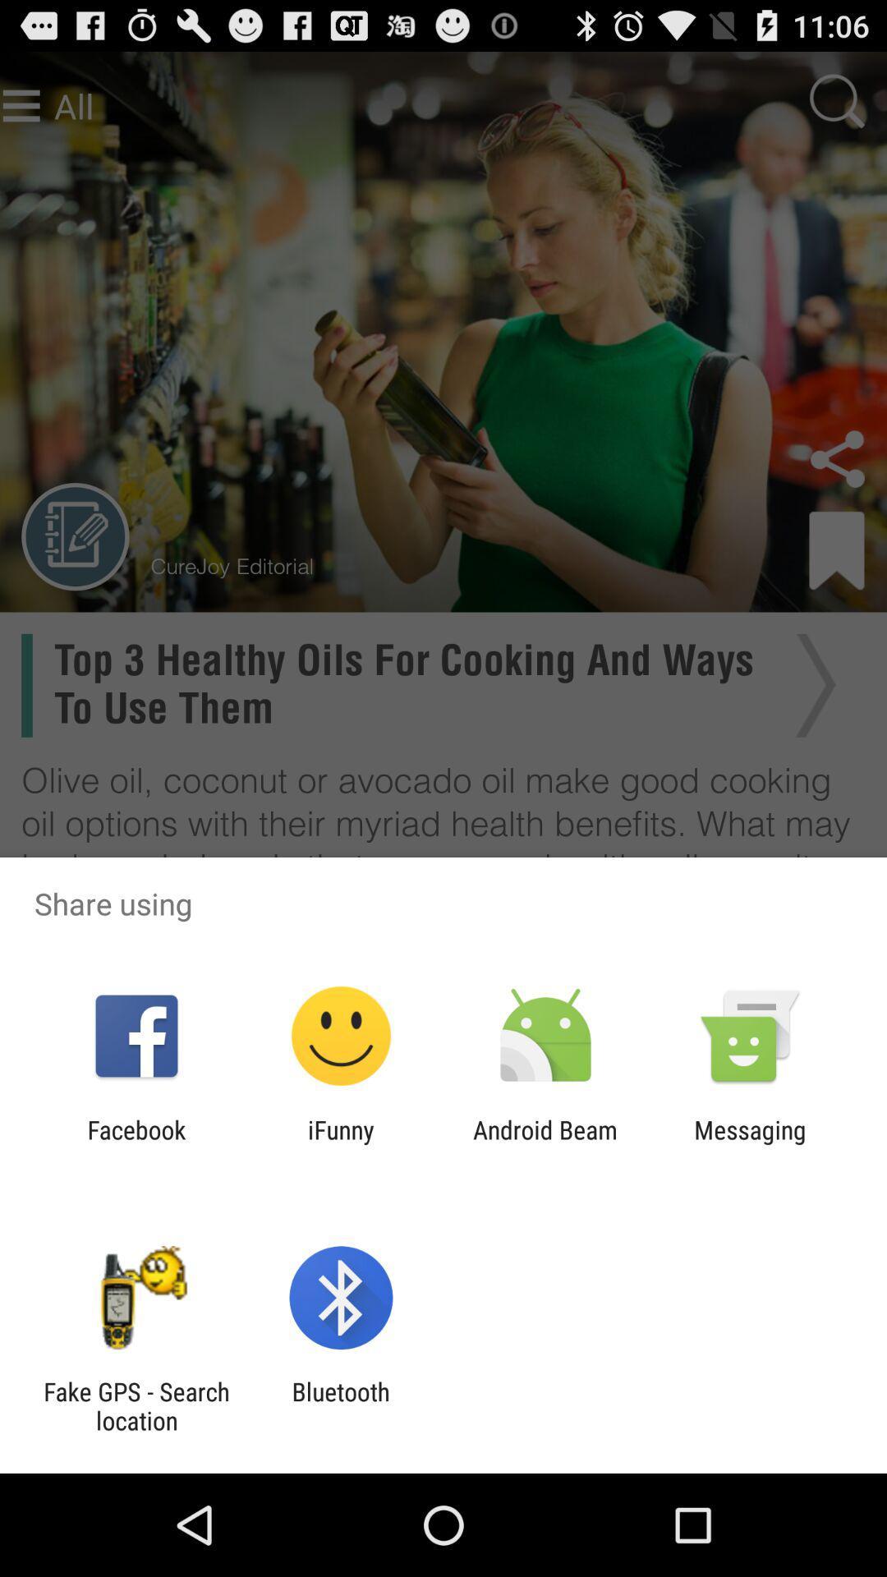  What do you see at coordinates (136, 1143) in the screenshot?
I see `the facebook app` at bounding box center [136, 1143].